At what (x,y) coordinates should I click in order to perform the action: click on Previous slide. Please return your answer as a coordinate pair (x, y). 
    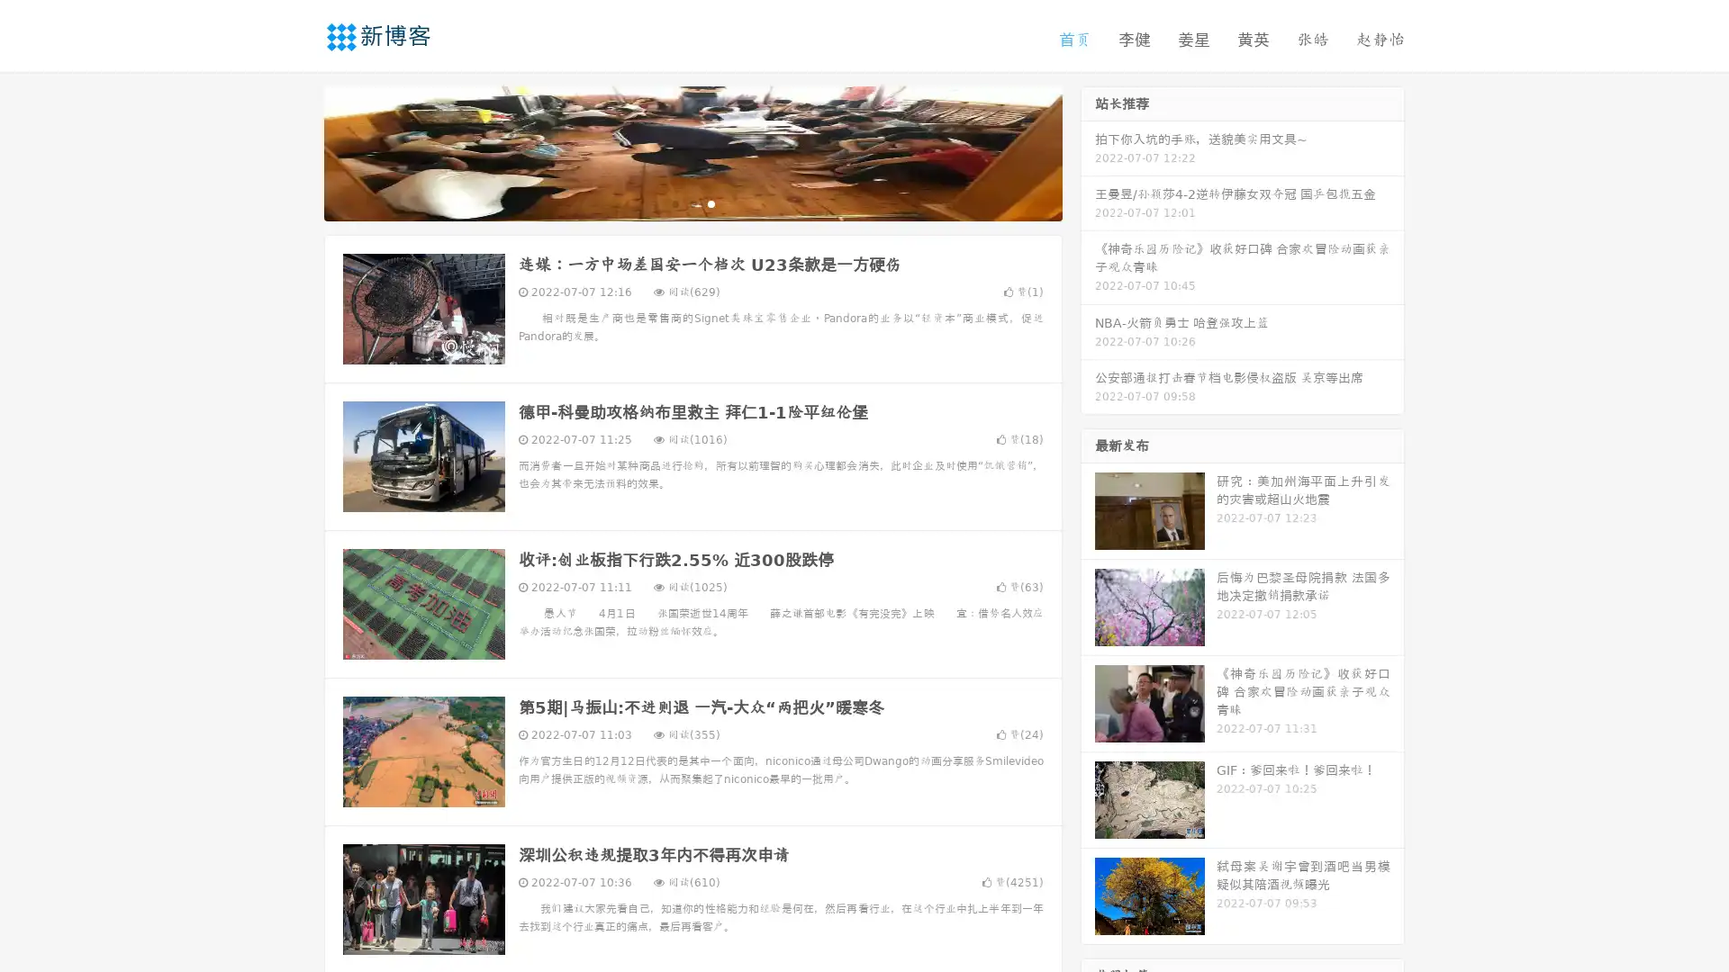
    Looking at the image, I should click on (297, 151).